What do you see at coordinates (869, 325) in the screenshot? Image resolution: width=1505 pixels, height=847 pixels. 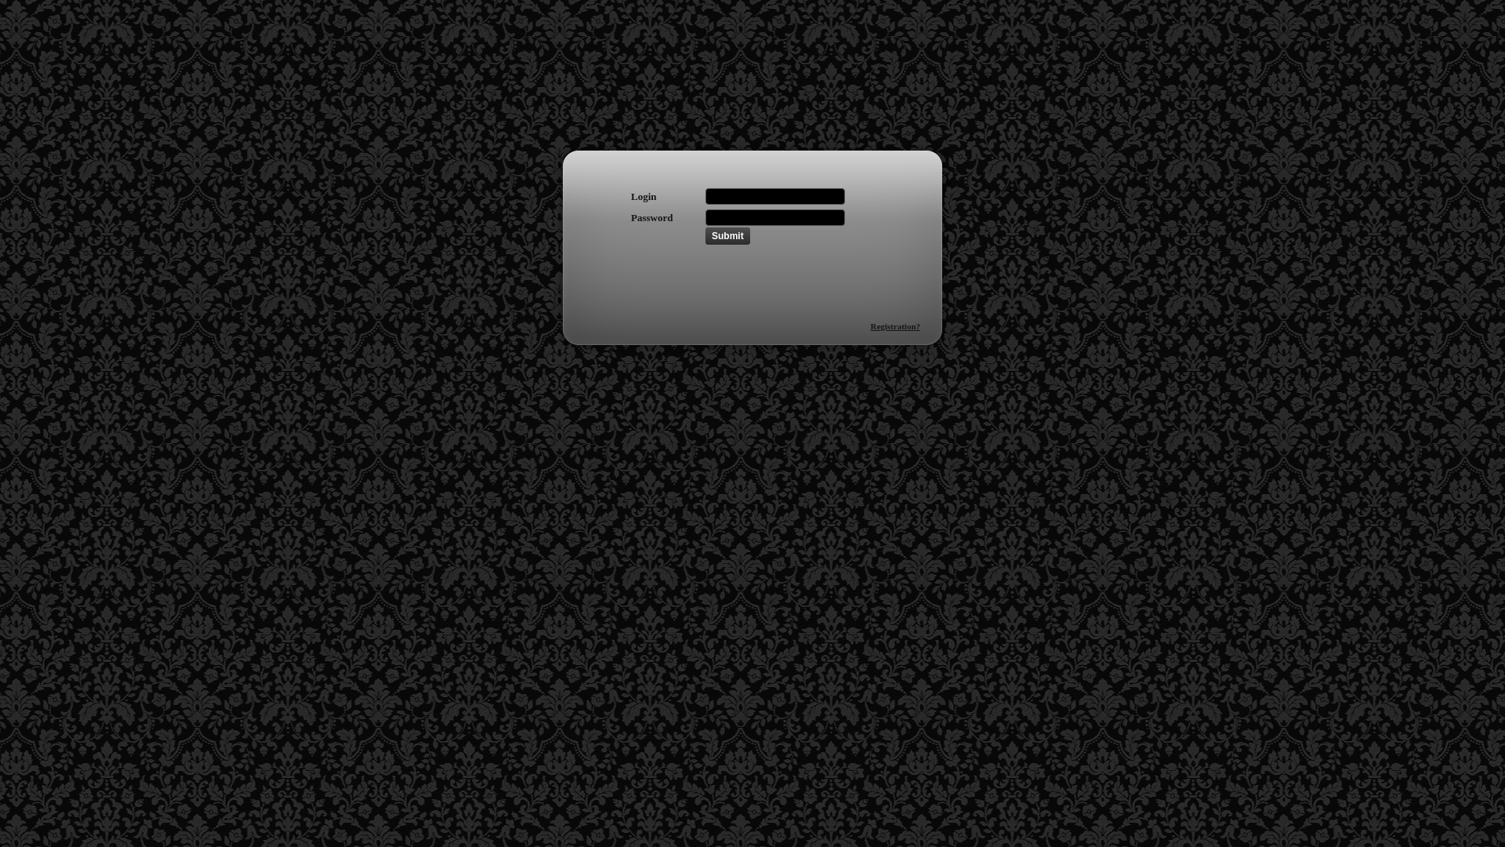 I see `'Registration?'` at bounding box center [869, 325].